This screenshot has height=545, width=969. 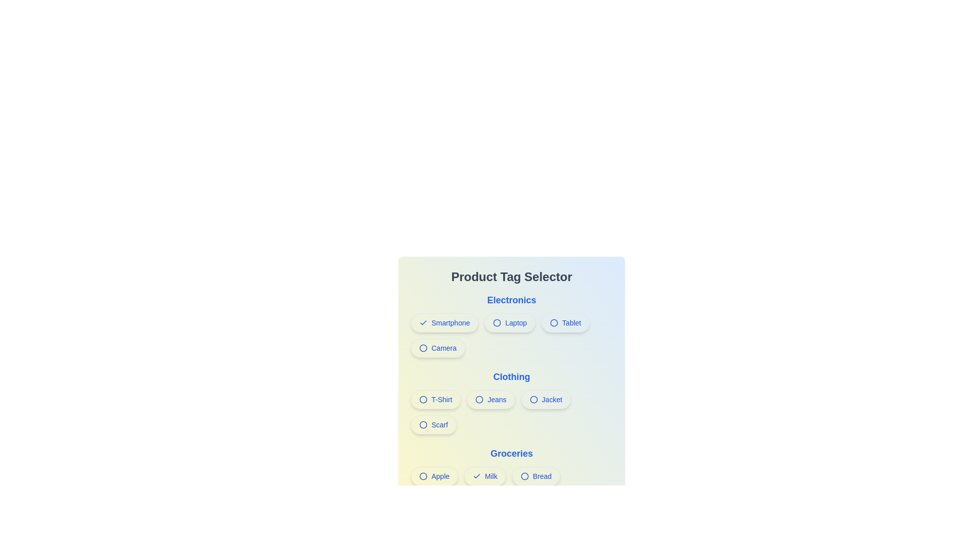 What do you see at coordinates (434, 476) in the screenshot?
I see `the 'Apple' Selectable tag button, which is a pill-shaped button with rounded edges and blue text` at bounding box center [434, 476].